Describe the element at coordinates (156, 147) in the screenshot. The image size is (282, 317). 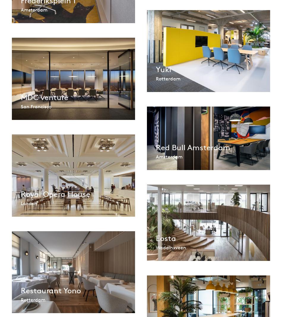
I see `'Red Bull Amsterdam'` at that location.